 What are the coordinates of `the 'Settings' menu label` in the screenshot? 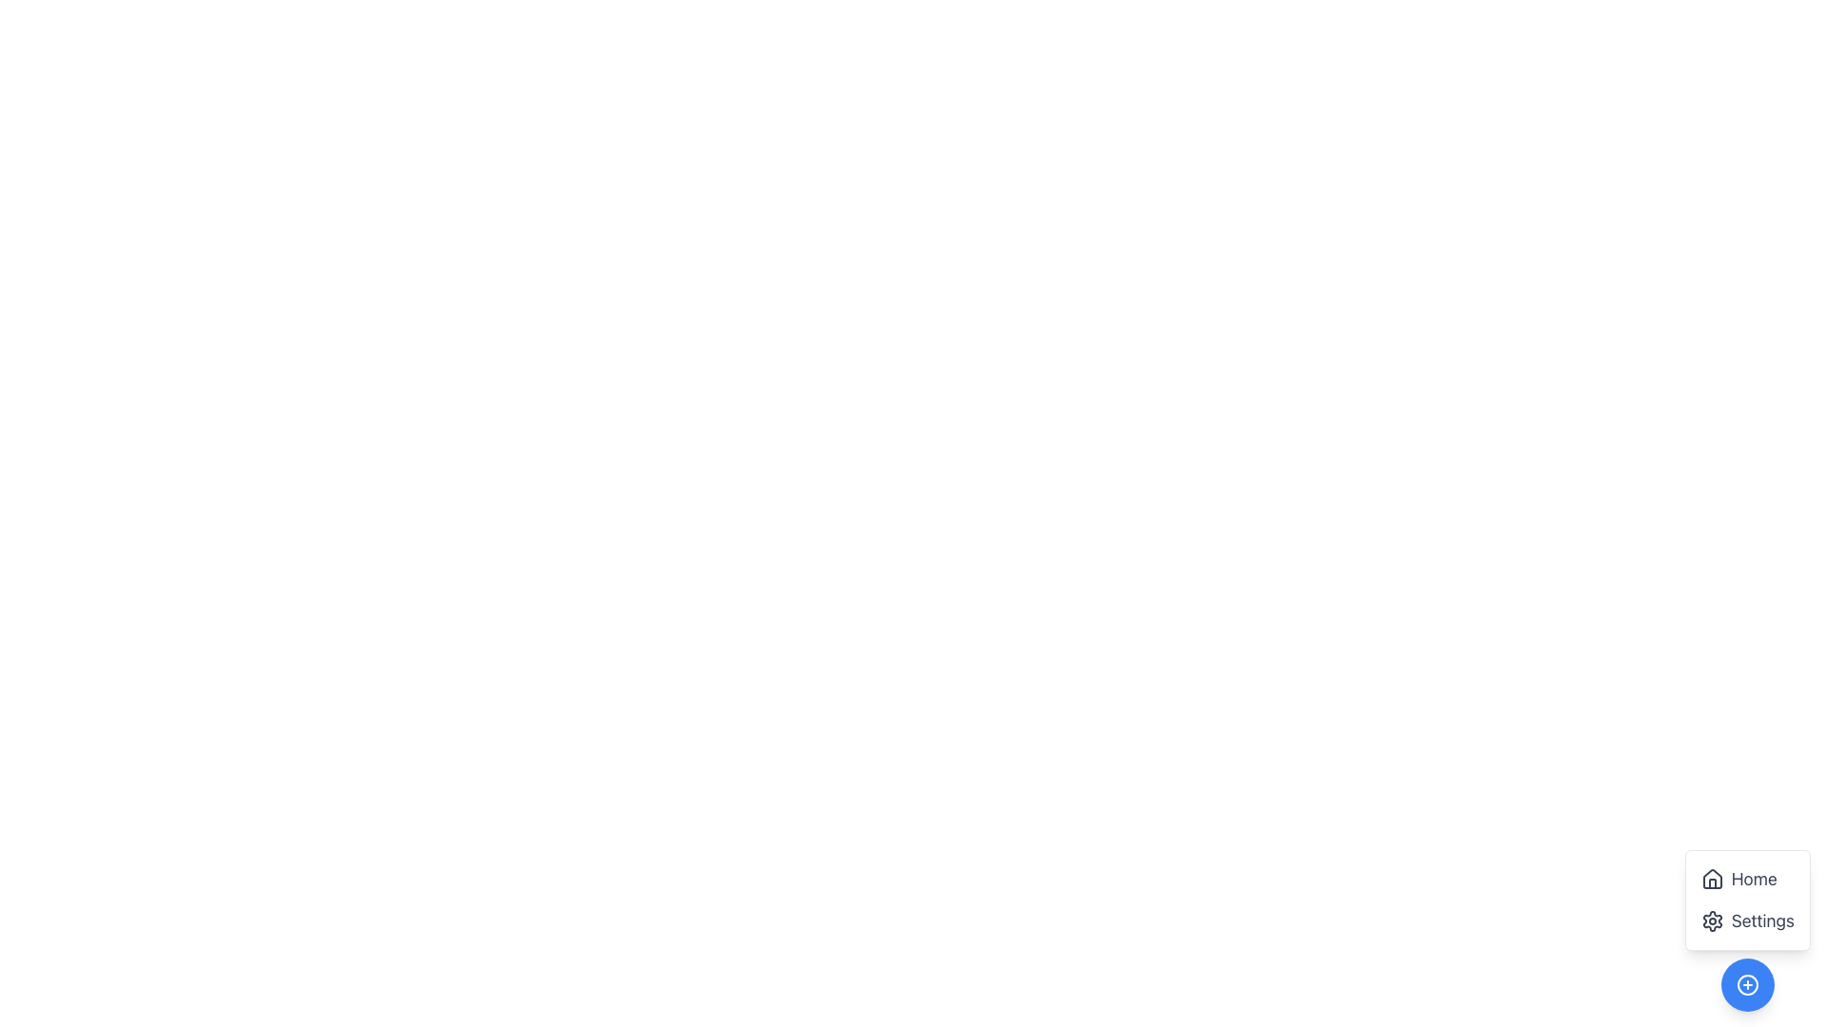 It's located at (1761, 920).